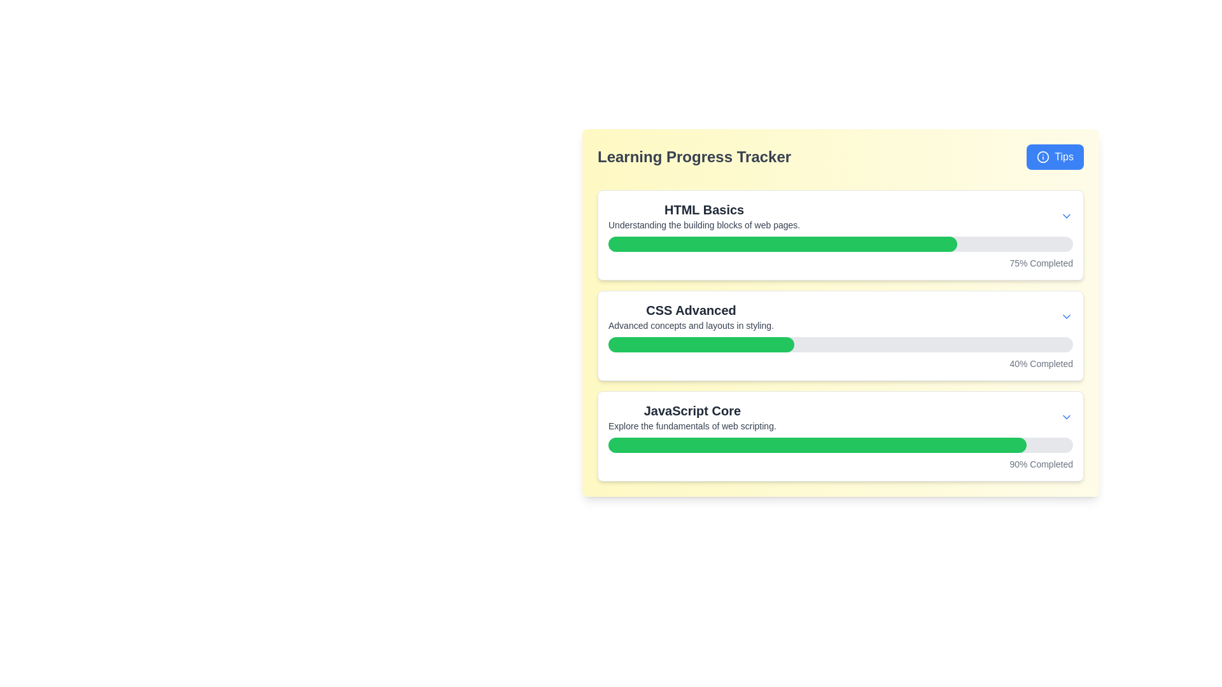  Describe the element at coordinates (782, 244) in the screenshot. I see `Progress Bar representing the completion percentage of the 'HTML Basics' section in the Learning Progress Tracker` at that location.